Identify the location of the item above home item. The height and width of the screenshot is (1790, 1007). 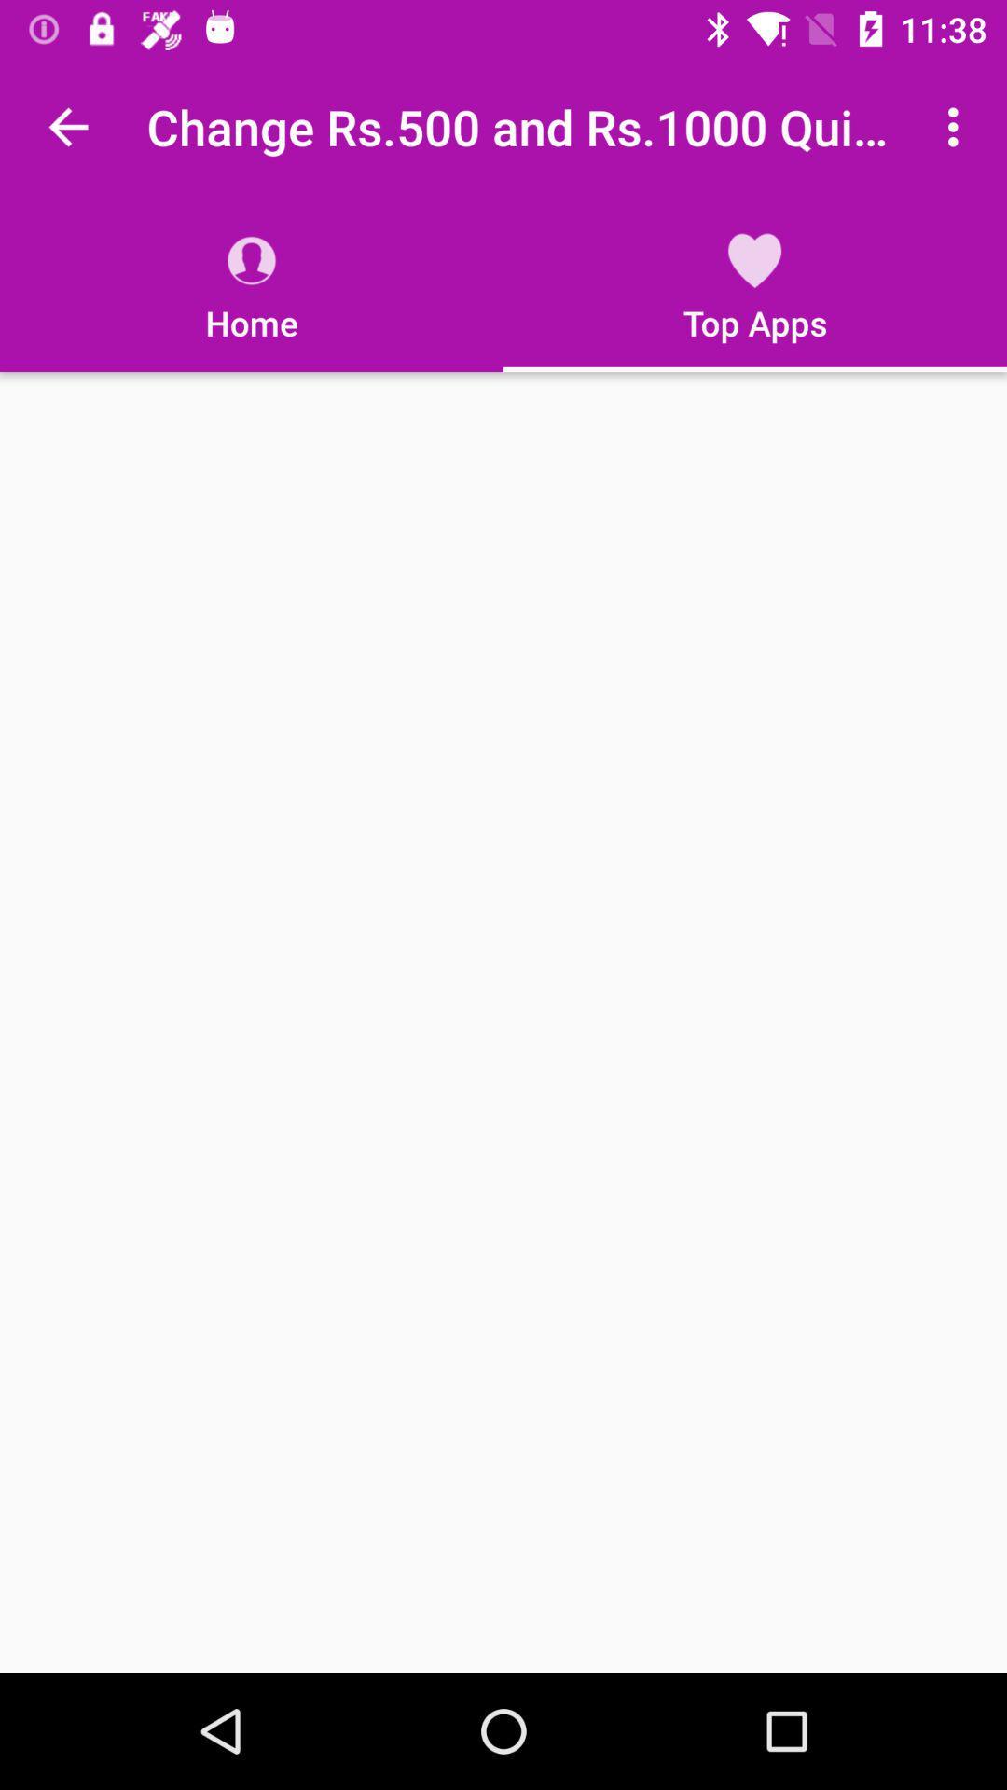
(67, 126).